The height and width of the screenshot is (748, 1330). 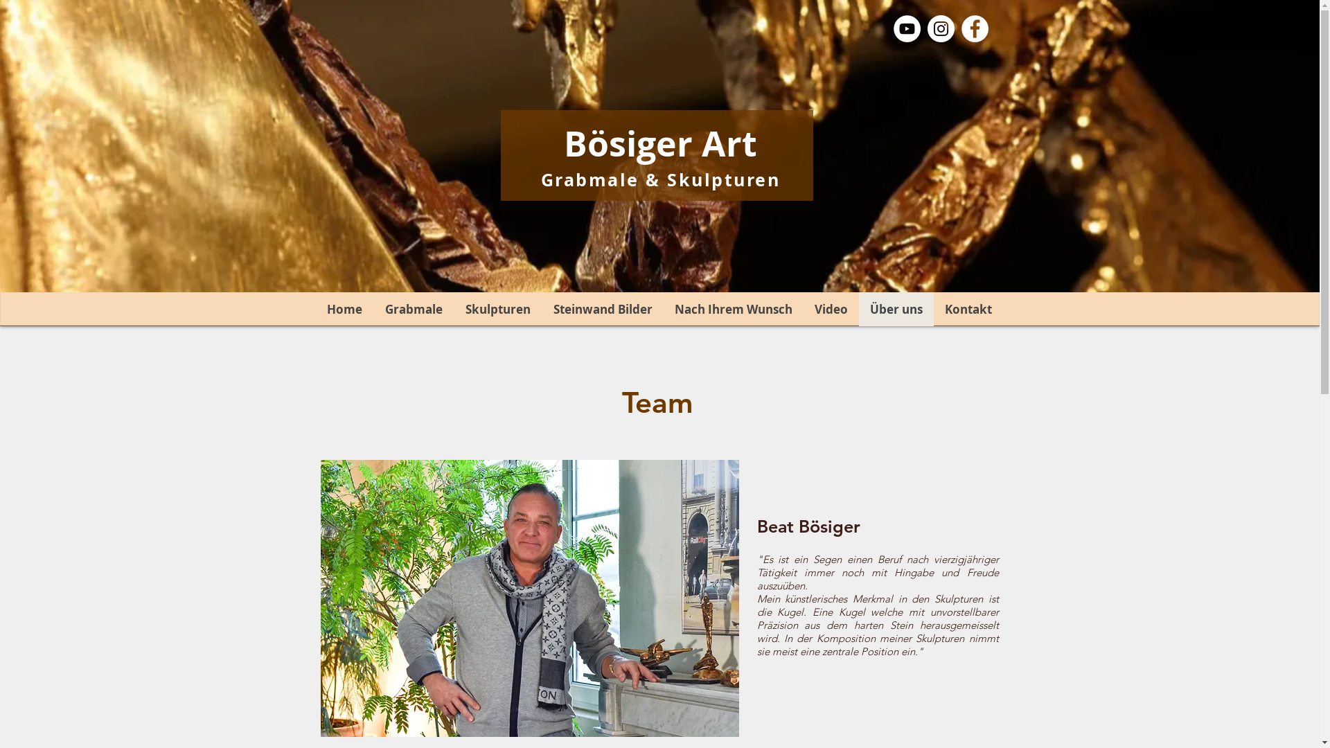 What do you see at coordinates (733, 308) in the screenshot?
I see `'Nach Ihrem Wunsch'` at bounding box center [733, 308].